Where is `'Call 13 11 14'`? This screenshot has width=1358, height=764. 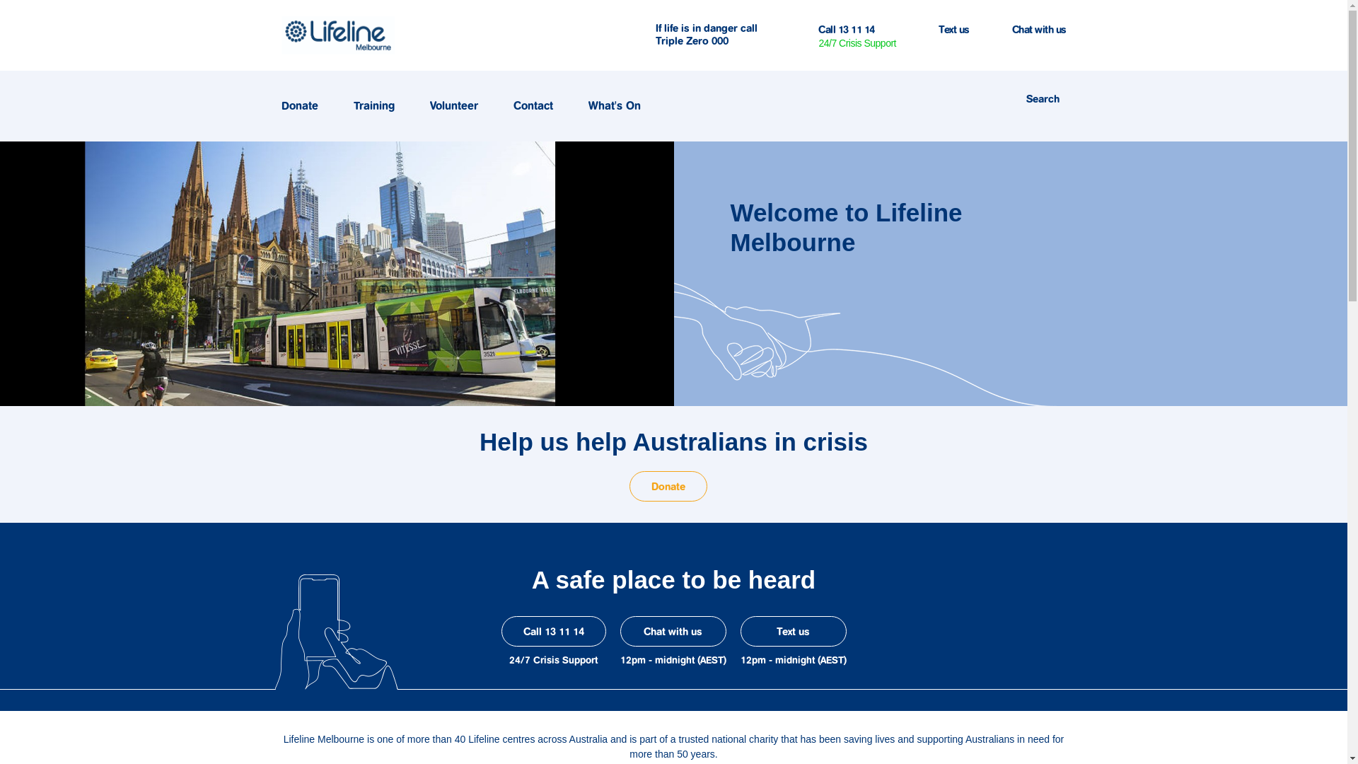
'Call 13 11 14' is located at coordinates (552, 630).